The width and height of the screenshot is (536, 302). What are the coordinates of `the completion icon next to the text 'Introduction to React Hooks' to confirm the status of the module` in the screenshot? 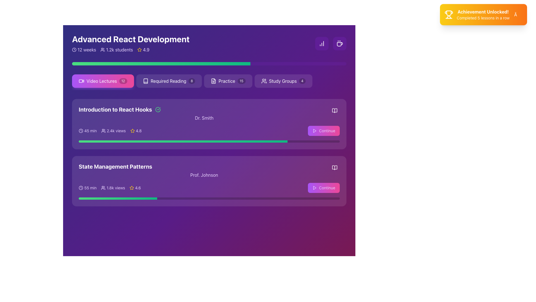 It's located at (158, 110).